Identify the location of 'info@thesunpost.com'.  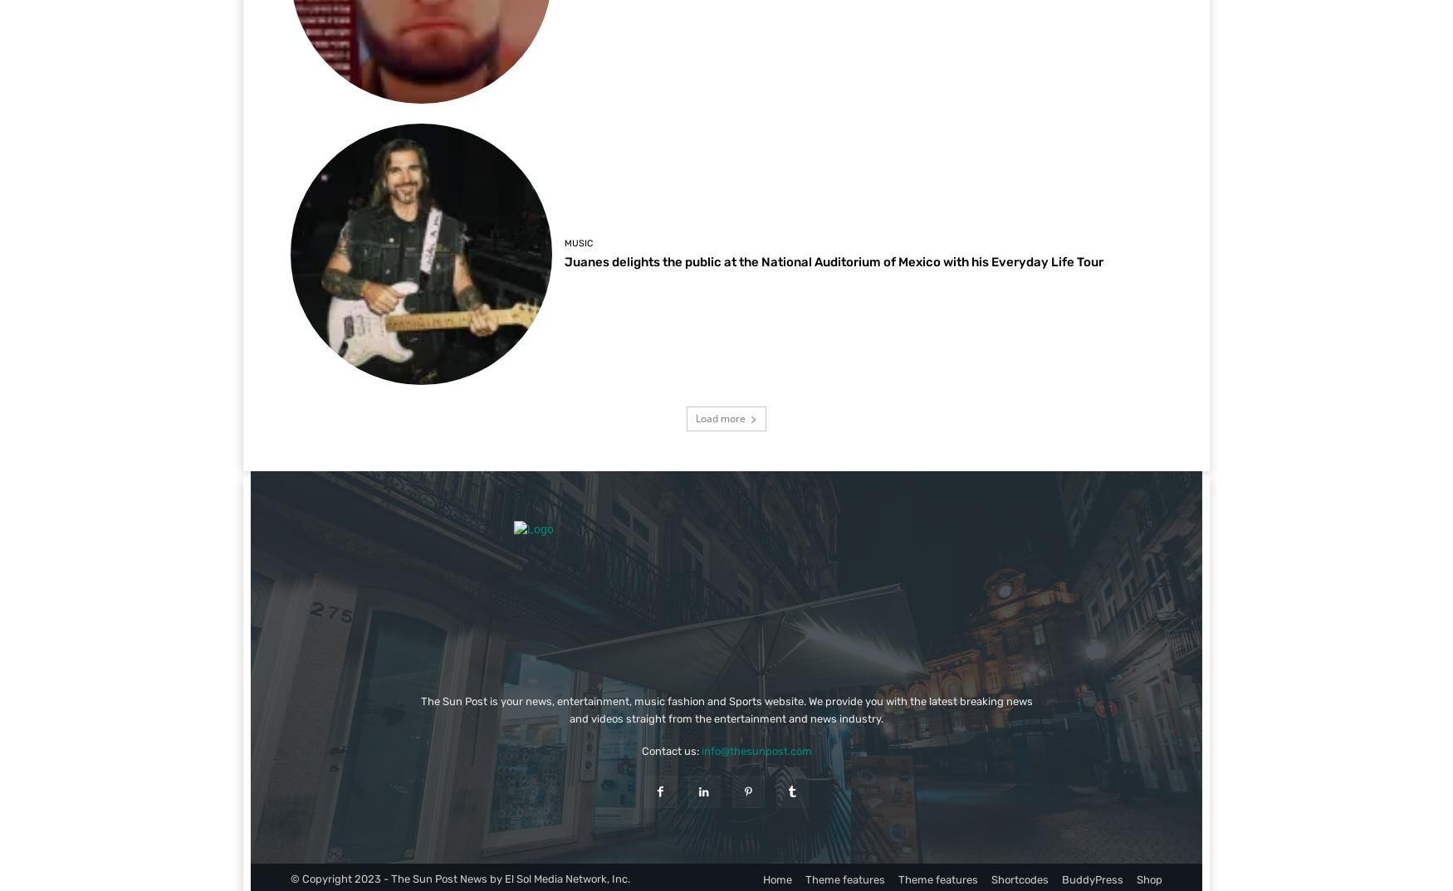
(701, 749).